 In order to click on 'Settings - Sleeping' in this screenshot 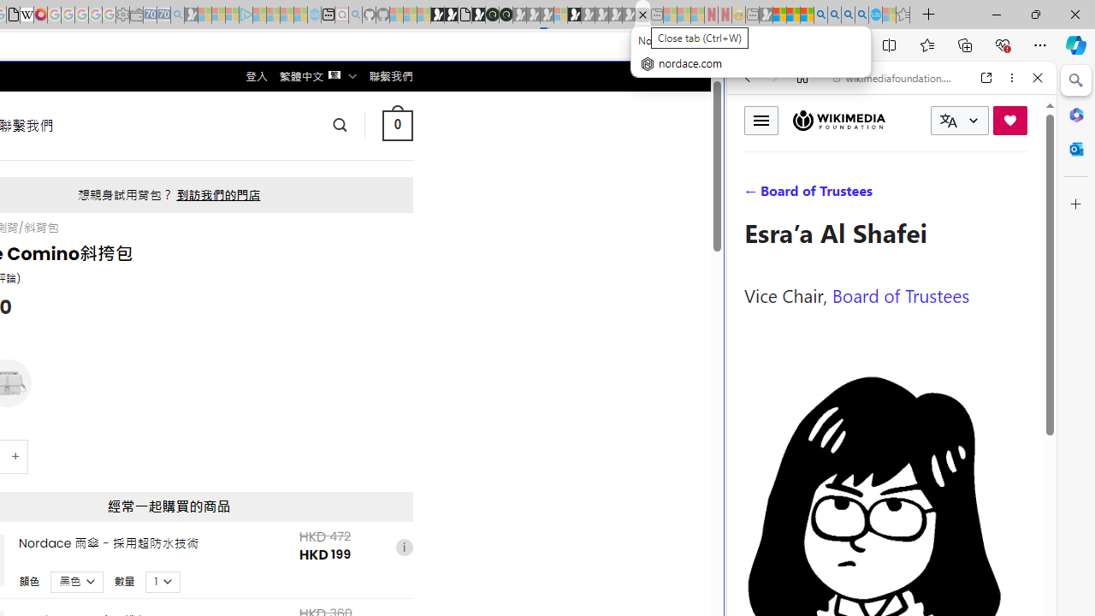, I will do `click(121, 15)`.